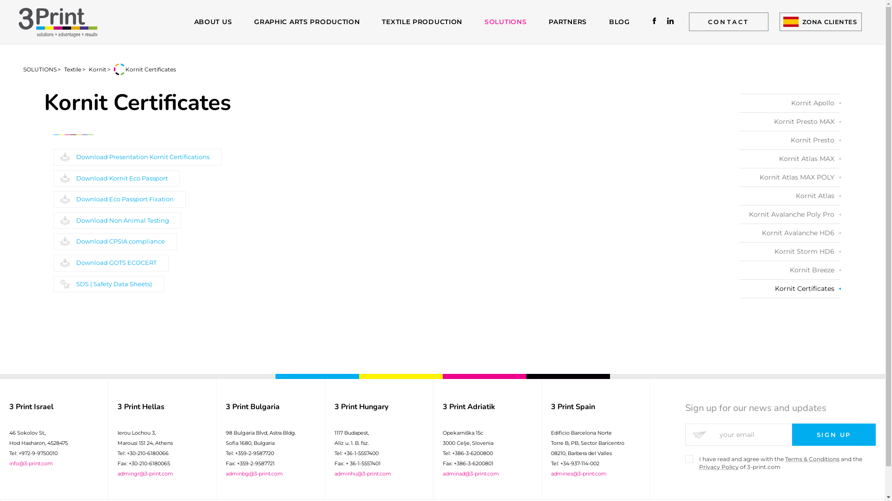 The image size is (892, 501). What do you see at coordinates (789, 140) in the screenshot?
I see `'Kornit Presto'` at bounding box center [789, 140].